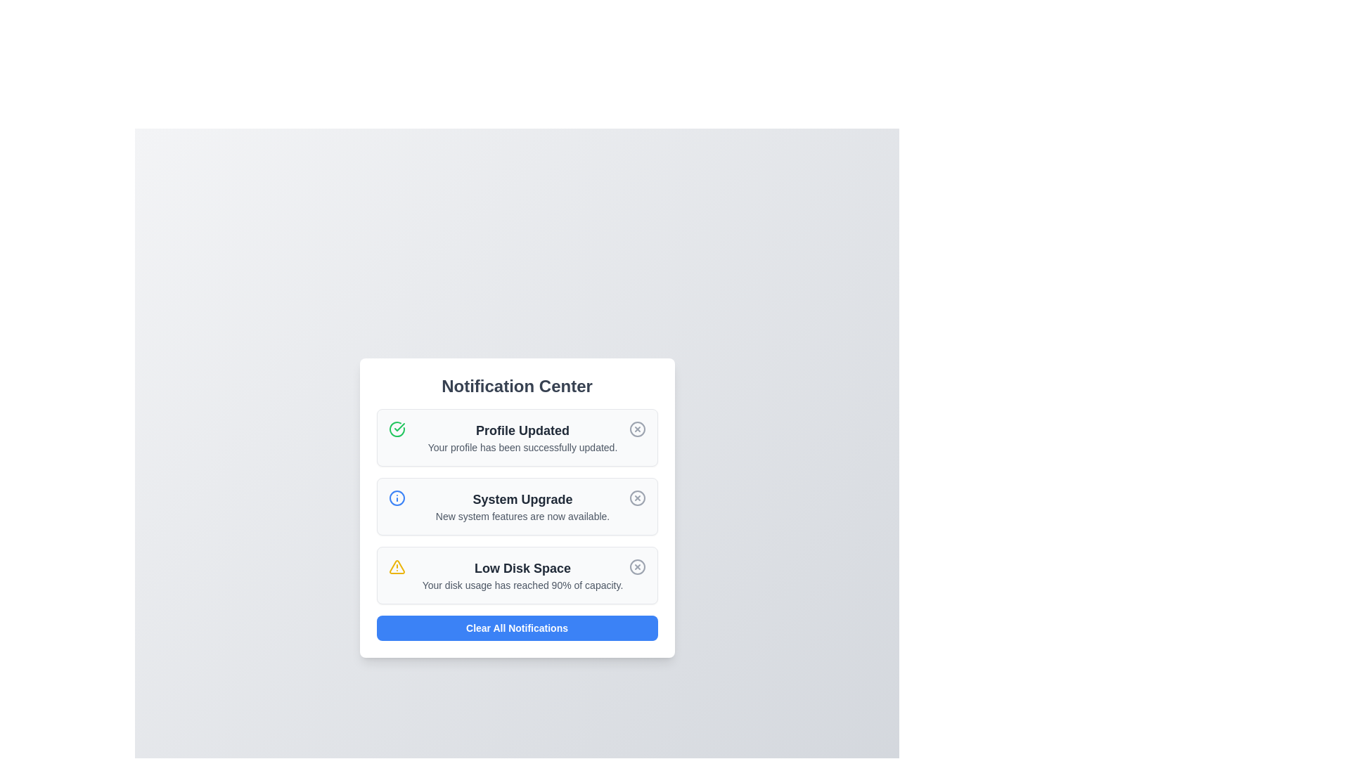  What do you see at coordinates (516, 628) in the screenshot?
I see `the button labeled 'Clear All Notifications' with a blue background to observe the color change effect` at bounding box center [516, 628].